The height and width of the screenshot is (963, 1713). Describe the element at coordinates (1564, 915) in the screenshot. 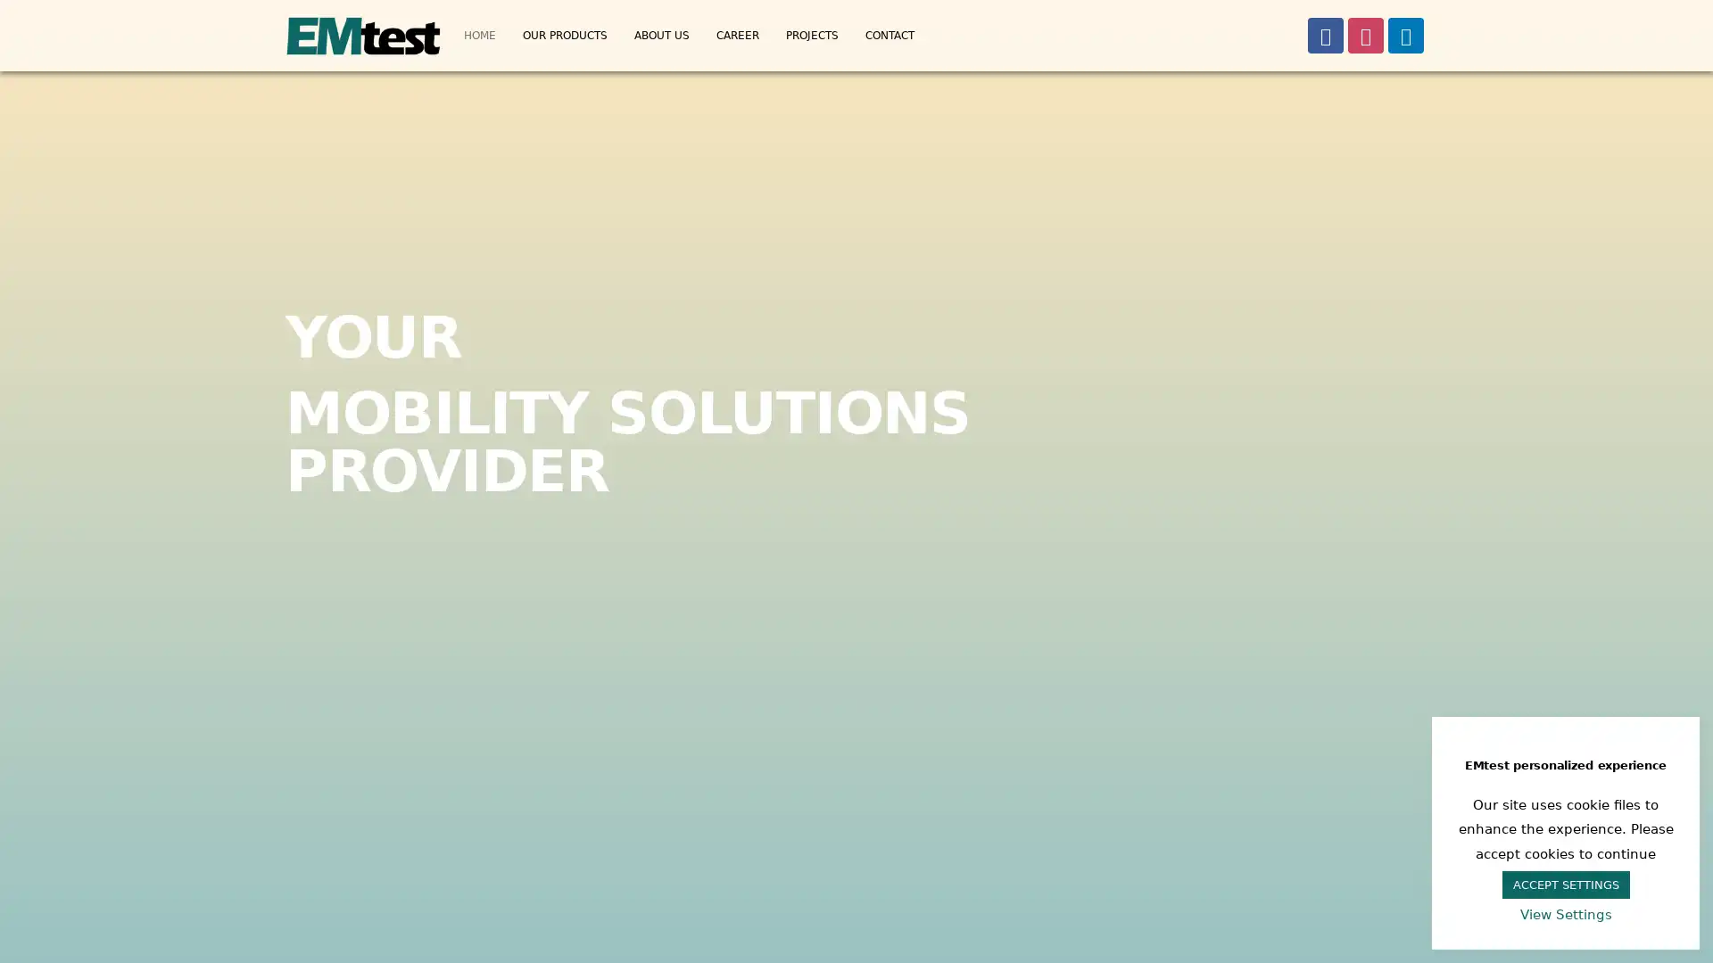

I see `View Settings` at that location.